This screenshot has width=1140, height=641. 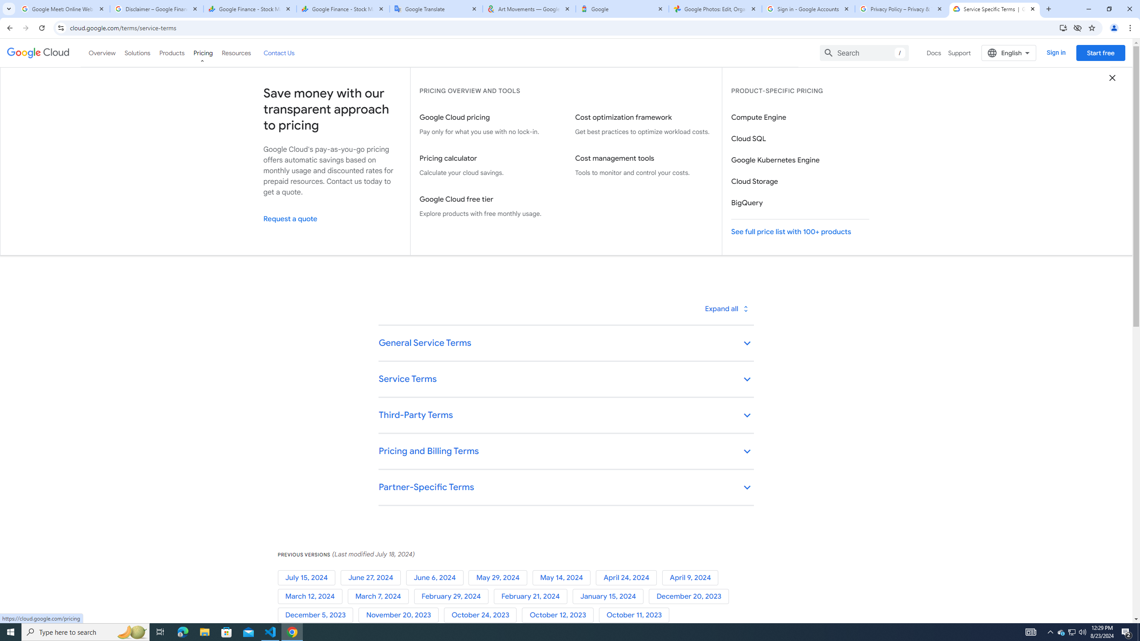 What do you see at coordinates (236, 53) in the screenshot?
I see `'Resources'` at bounding box center [236, 53].